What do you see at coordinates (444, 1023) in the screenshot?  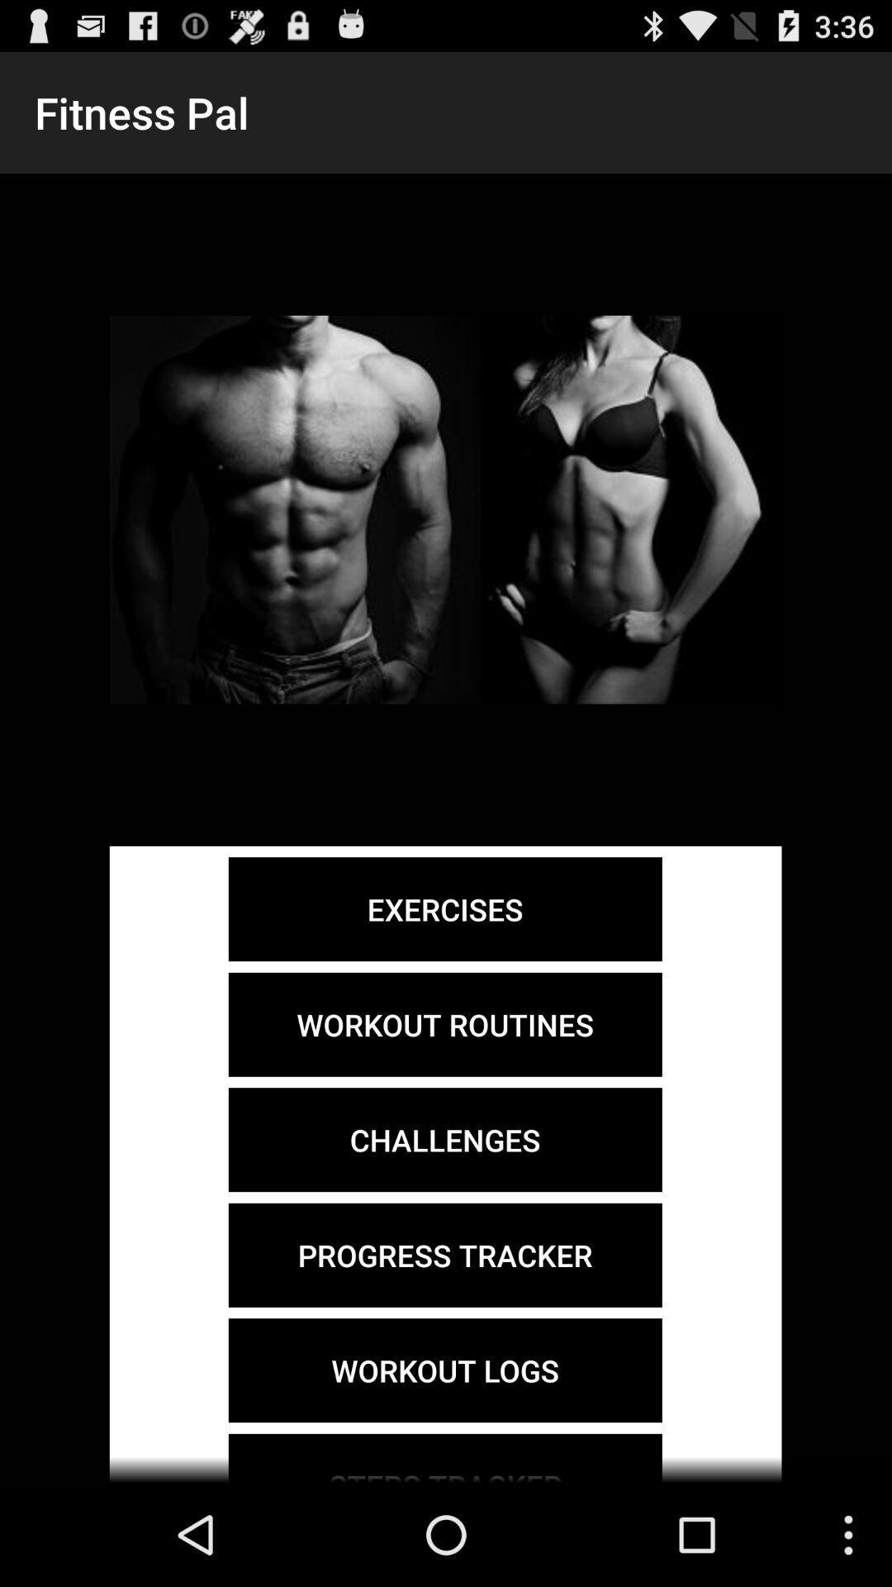 I see `workout routines item` at bounding box center [444, 1023].